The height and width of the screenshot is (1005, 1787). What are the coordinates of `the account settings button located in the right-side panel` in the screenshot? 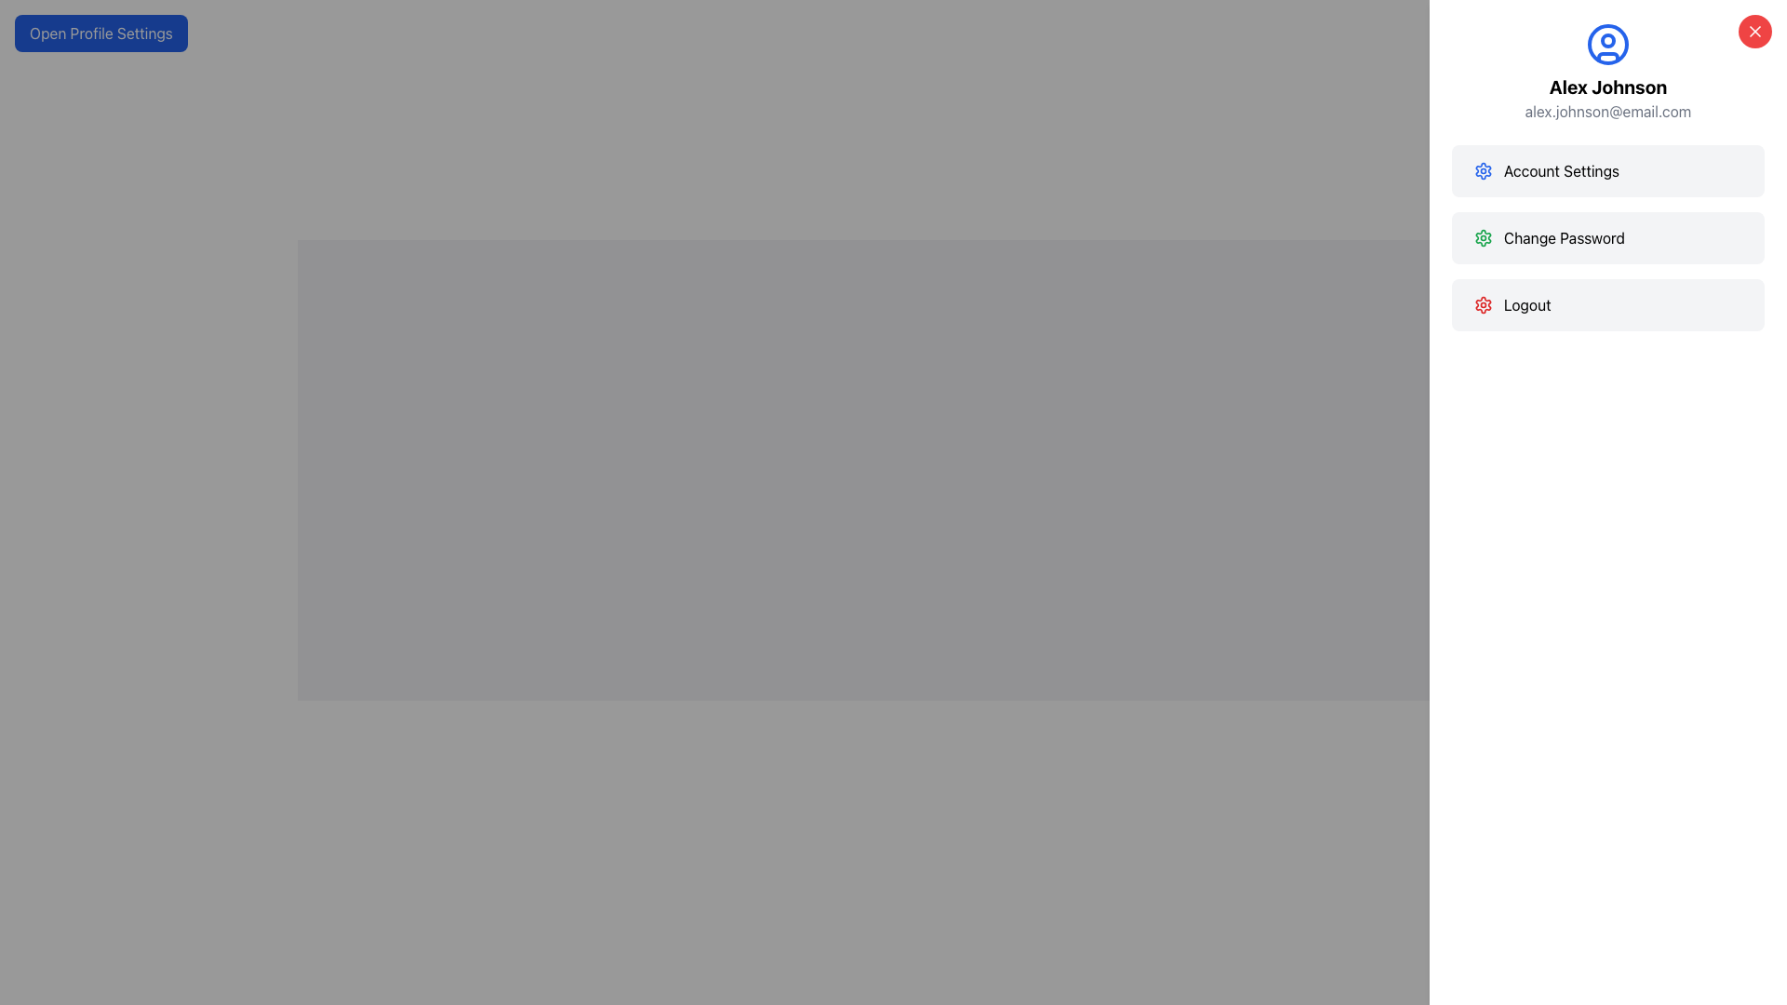 It's located at (1607, 171).